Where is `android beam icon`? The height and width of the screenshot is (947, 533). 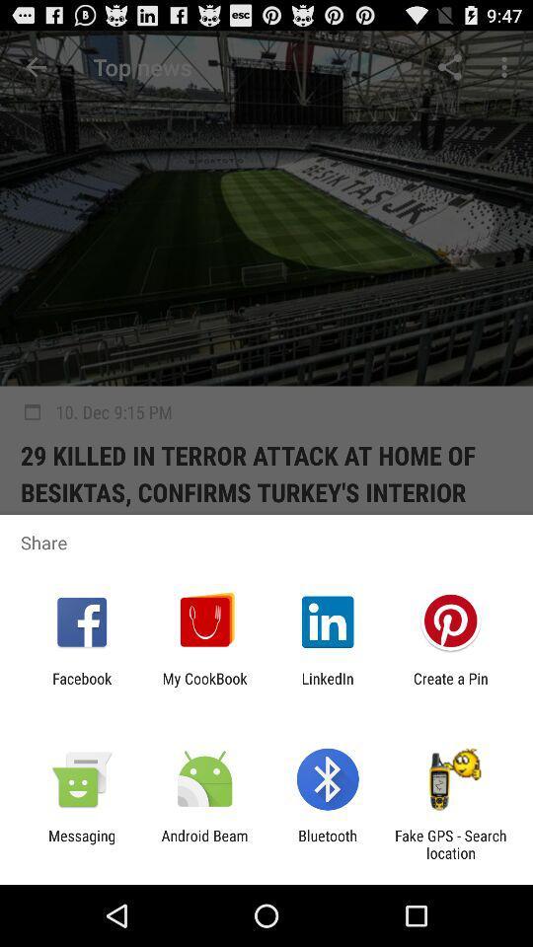
android beam icon is located at coordinates (203, 843).